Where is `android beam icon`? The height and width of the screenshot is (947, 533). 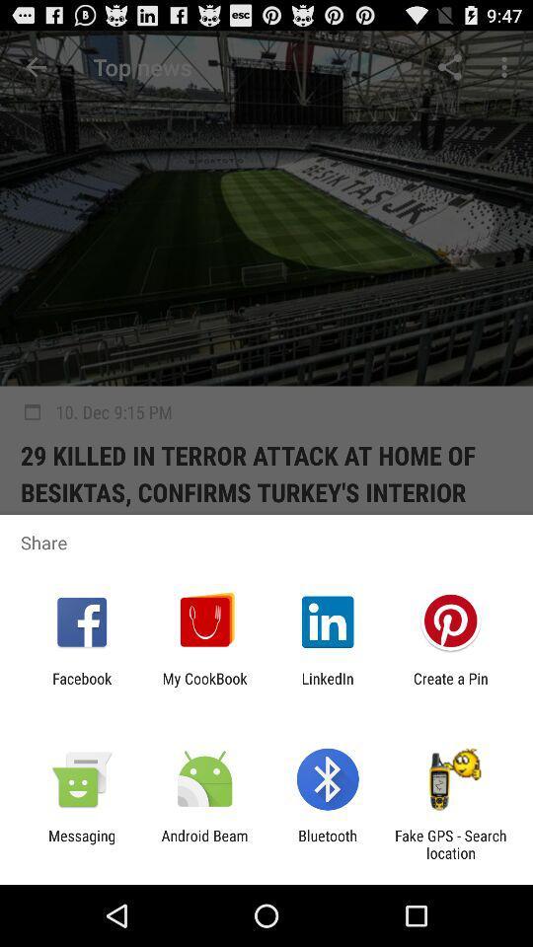
android beam icon is located at coordinates (203, 843).